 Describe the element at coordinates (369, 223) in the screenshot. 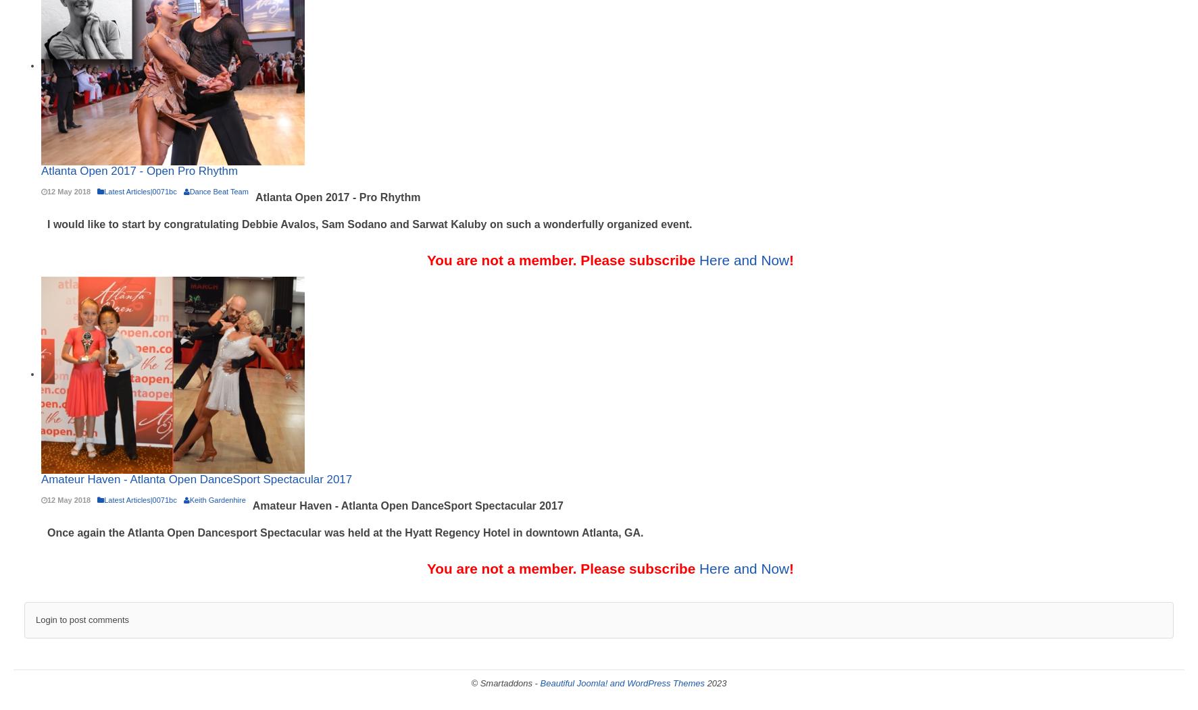

I see `'I would like to start by congratulating Debbie Avalos, Sam Sodano and Sarwat Kaluby on such a wonderfully organized event.'` at that location.